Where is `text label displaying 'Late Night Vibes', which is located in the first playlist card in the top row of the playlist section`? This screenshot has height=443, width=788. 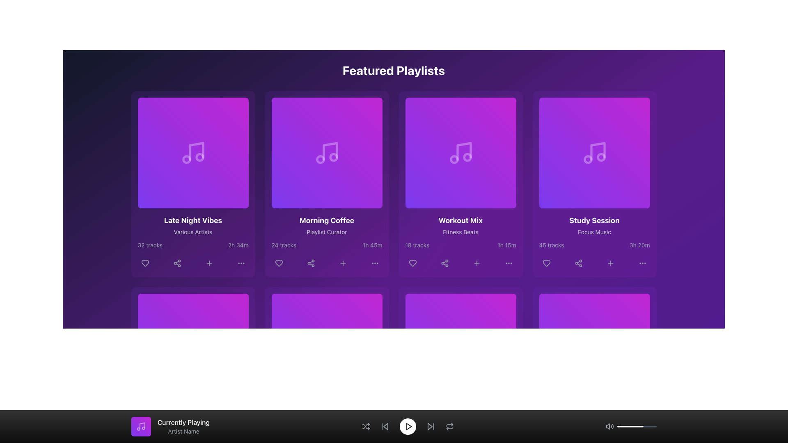 text label displaying 'Late Night Vibes', which is located in the first playlist card in the top row of the playlist section is located at coordinates (192, 220).